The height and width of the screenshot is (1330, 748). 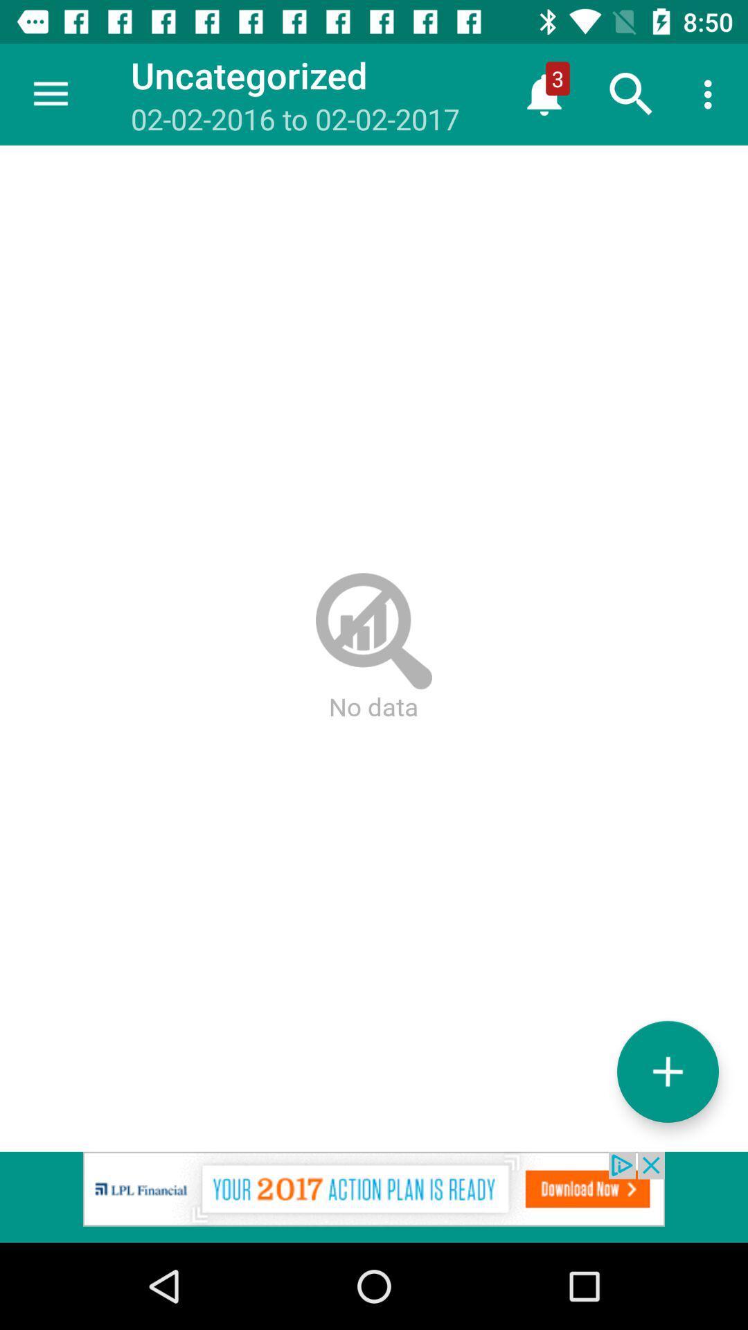 I want to click on swtich autoplay option, so click(x=667, y=1071).